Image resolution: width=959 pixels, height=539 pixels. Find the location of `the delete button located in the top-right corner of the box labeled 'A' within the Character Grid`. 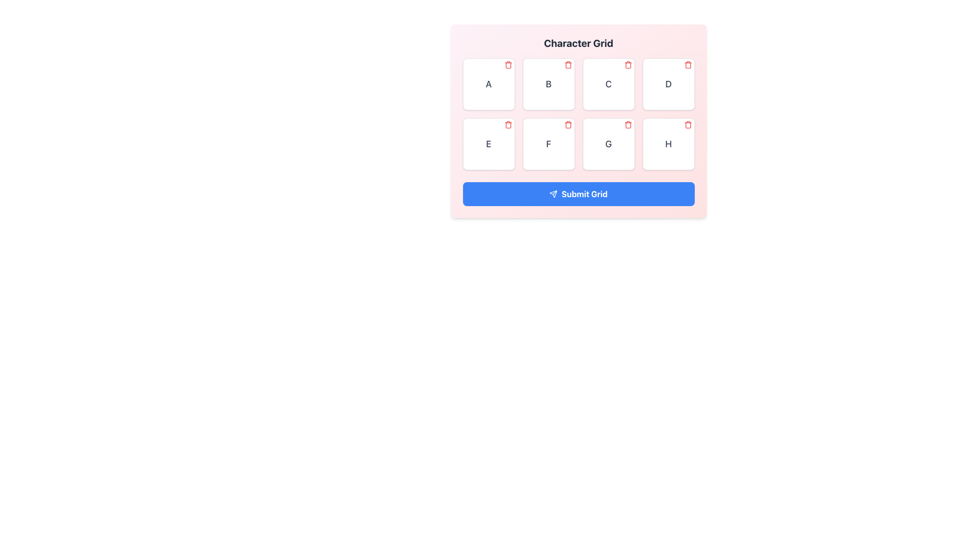

the delete button located in the top-right corner of the box labeled 'A' within the Character Grid is located at coordinates (508, 65).